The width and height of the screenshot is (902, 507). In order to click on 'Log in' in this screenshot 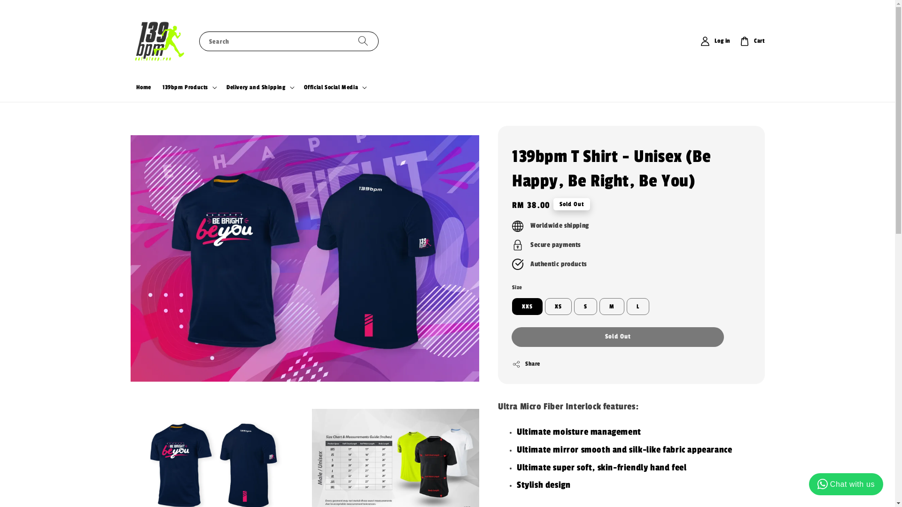, I will do `click(700, 40)`.